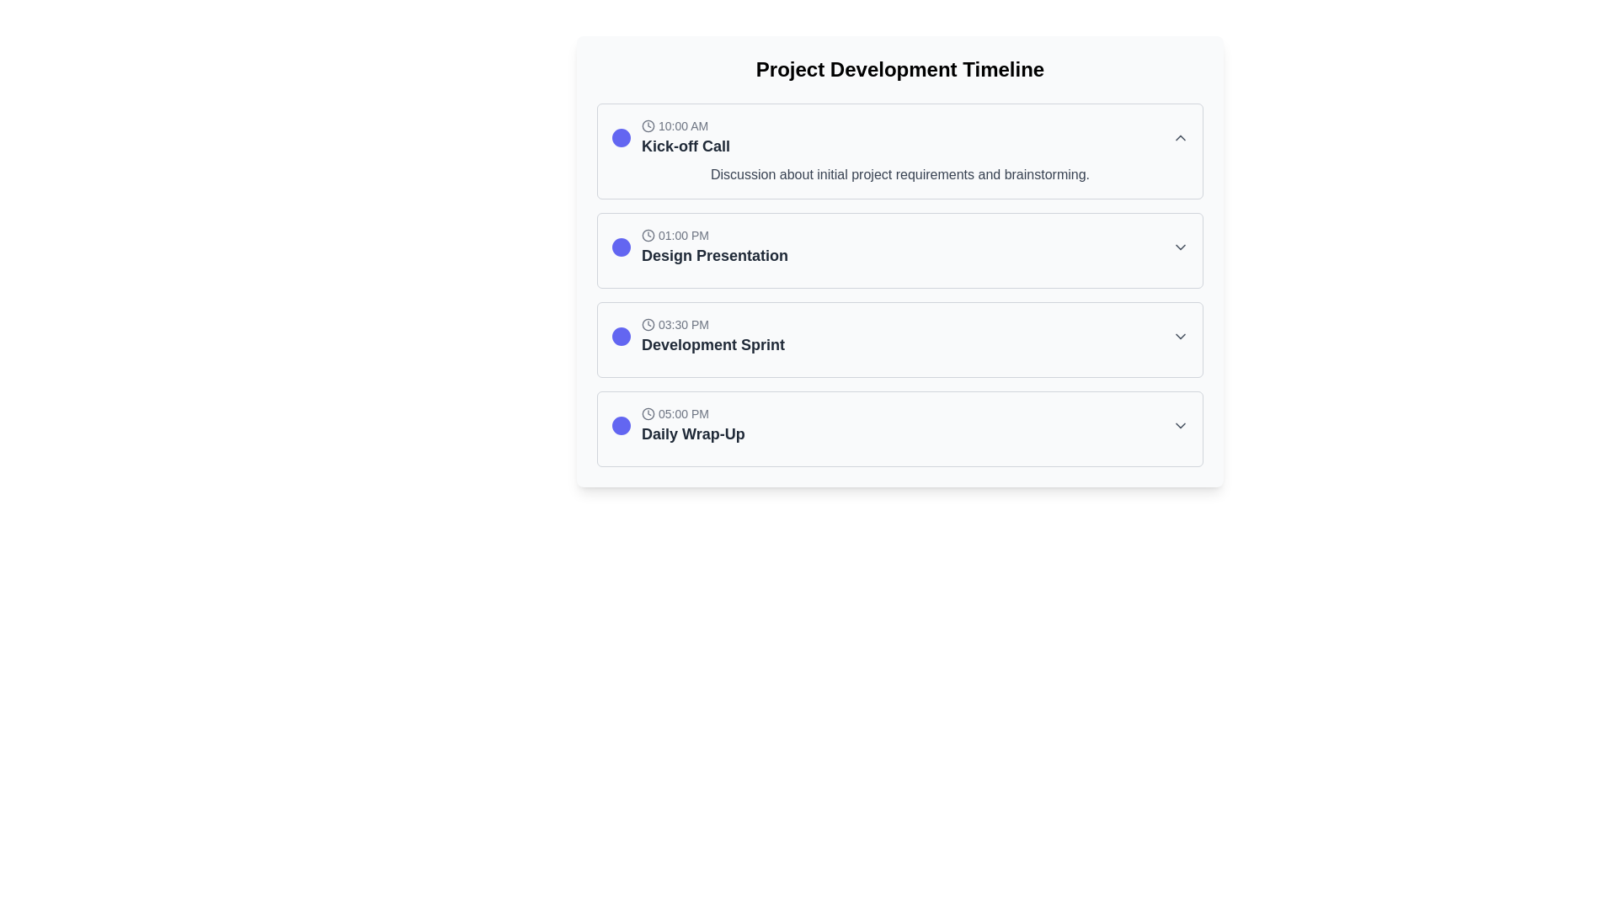  What do you see at coordinates (899, 250) in the screenshot?
I see `the second interactive list item representing the 'Design Presentation' event scheduled at 01:00 PM` at bounding box center [899, 250].